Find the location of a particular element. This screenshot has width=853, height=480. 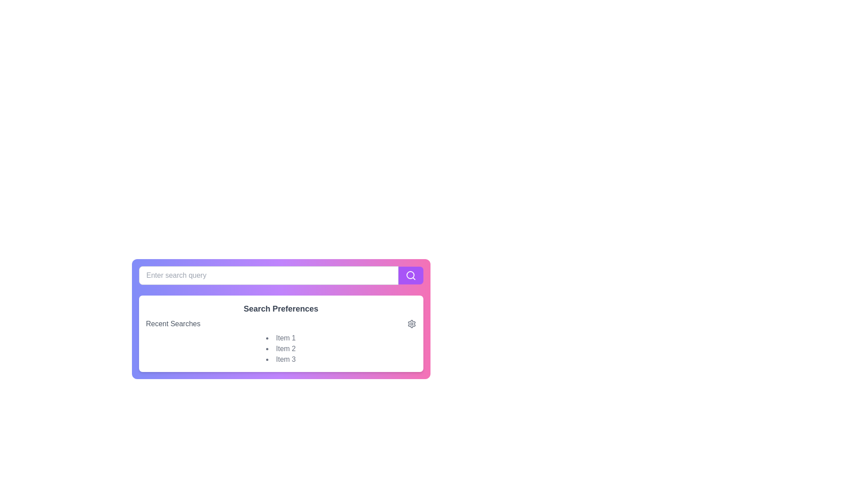

the static text item displaying 'Item 1' in the 'Recent Searches' section, which is the first item in the bullet-point list is located at coordinates (280, 338).